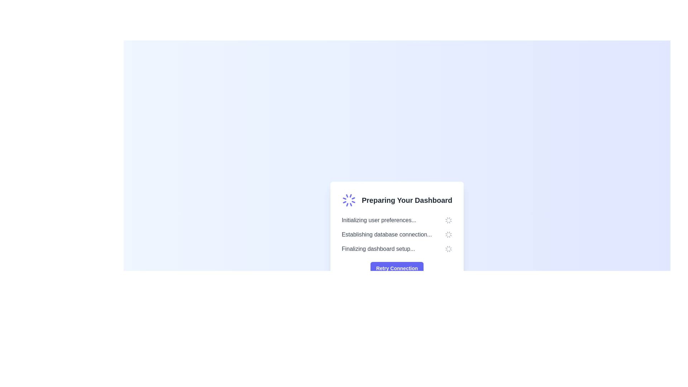  What do you see at coordinates (349, 200) in the screenshot?
I see `the Loader animation located to the left of the text 'Preparing Your Dashboard', which indicates that a background process is ongoing` at bounding box center [349, 200].